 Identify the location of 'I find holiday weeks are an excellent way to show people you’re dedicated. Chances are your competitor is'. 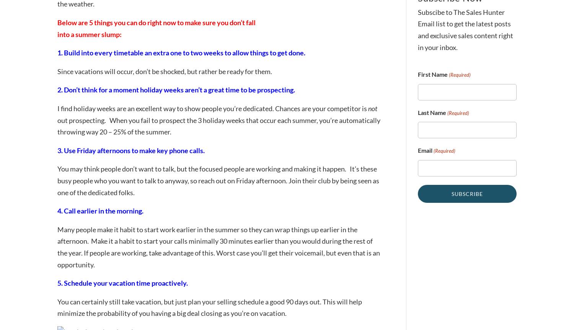
(213, 108).